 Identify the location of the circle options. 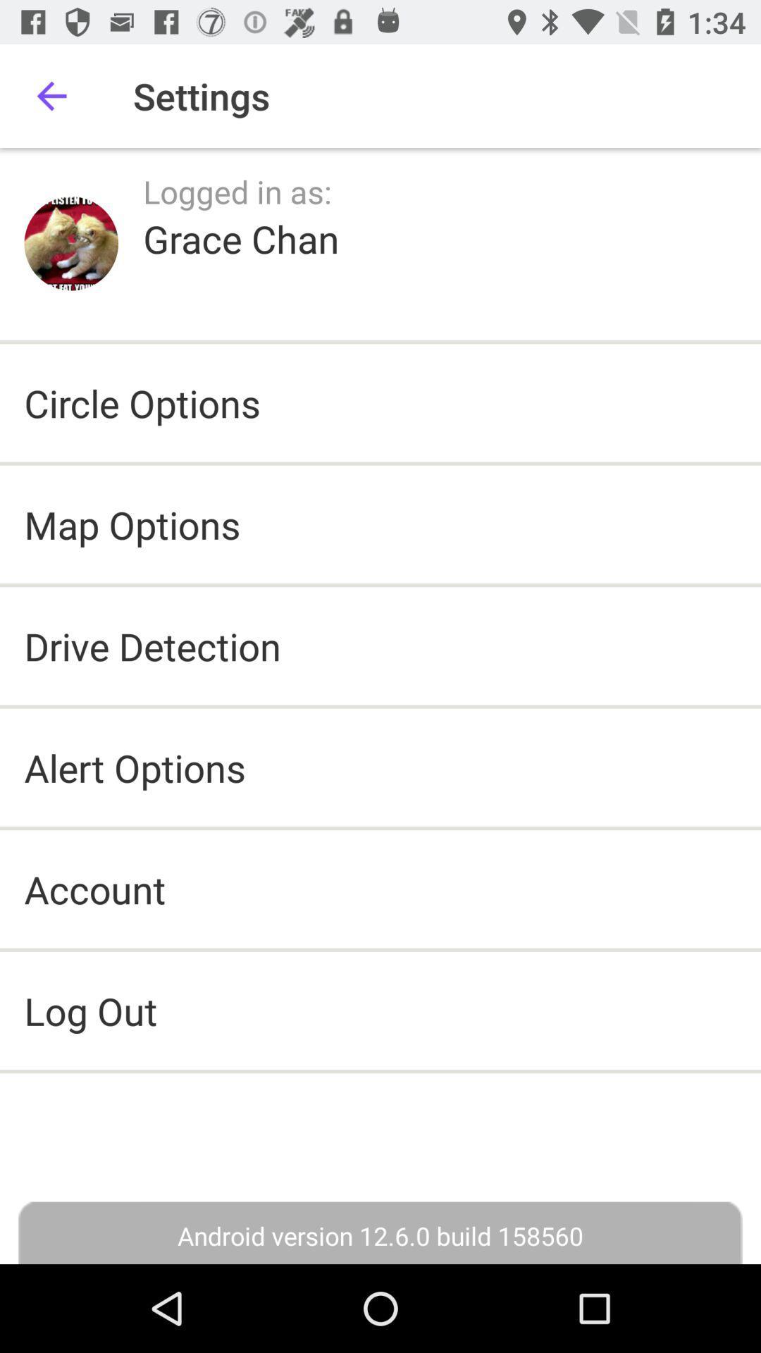
(142, 402).